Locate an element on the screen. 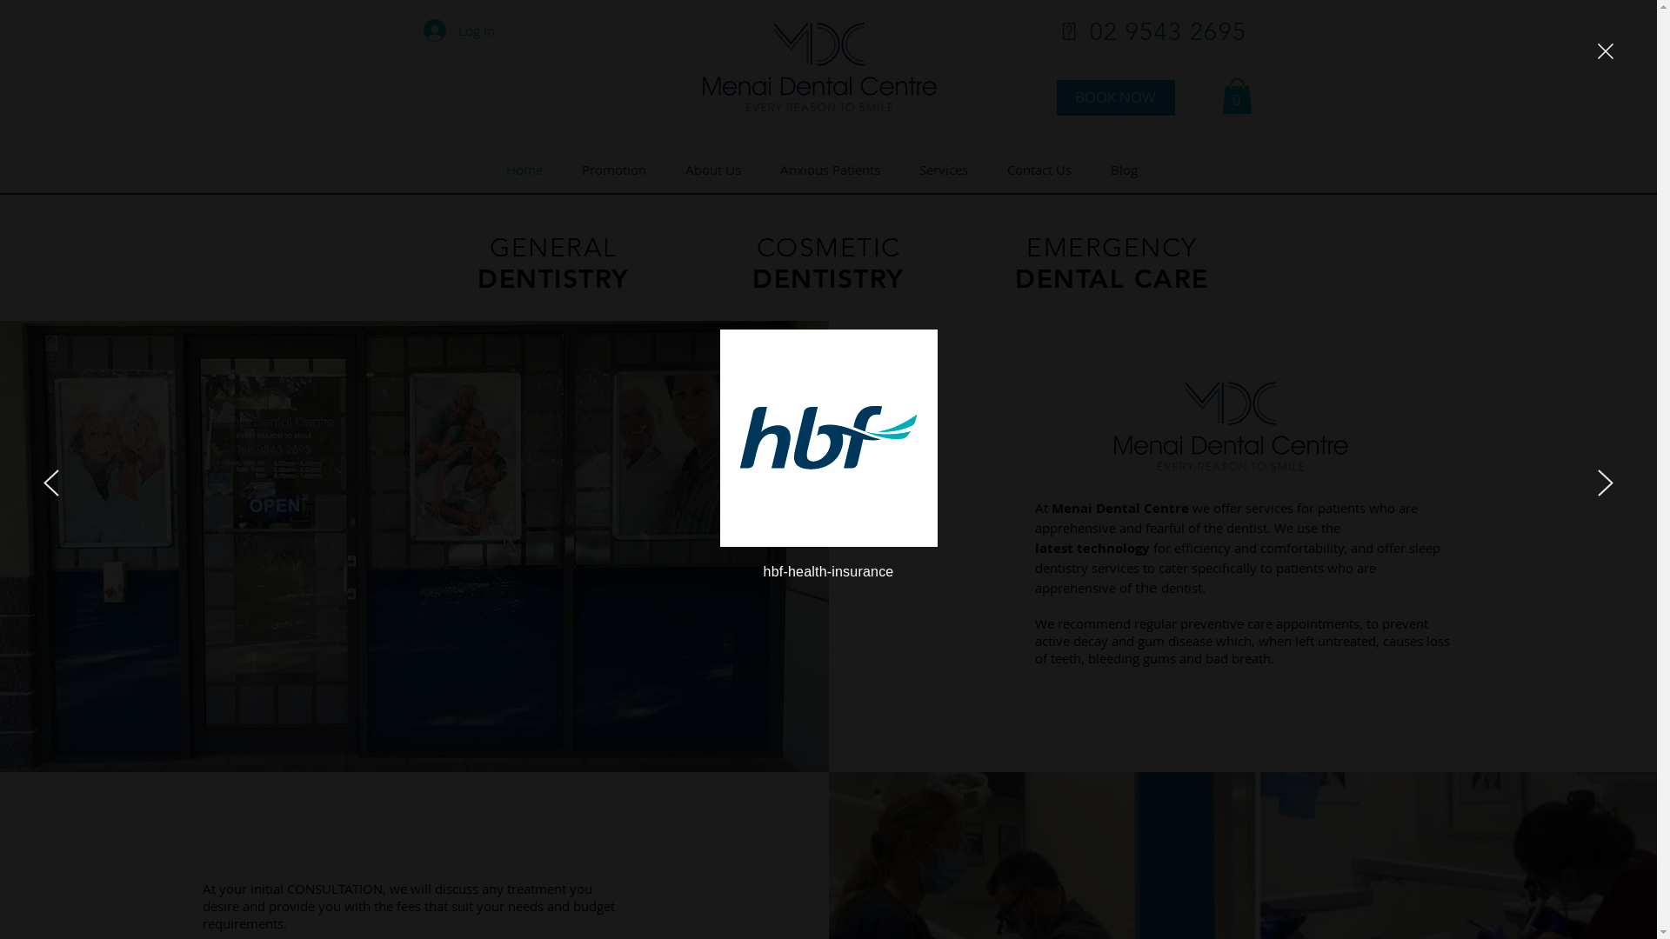 Image resolution: width=1670 pixels, height=939 pixels. 'Services' is located at coordinates (949, 169).